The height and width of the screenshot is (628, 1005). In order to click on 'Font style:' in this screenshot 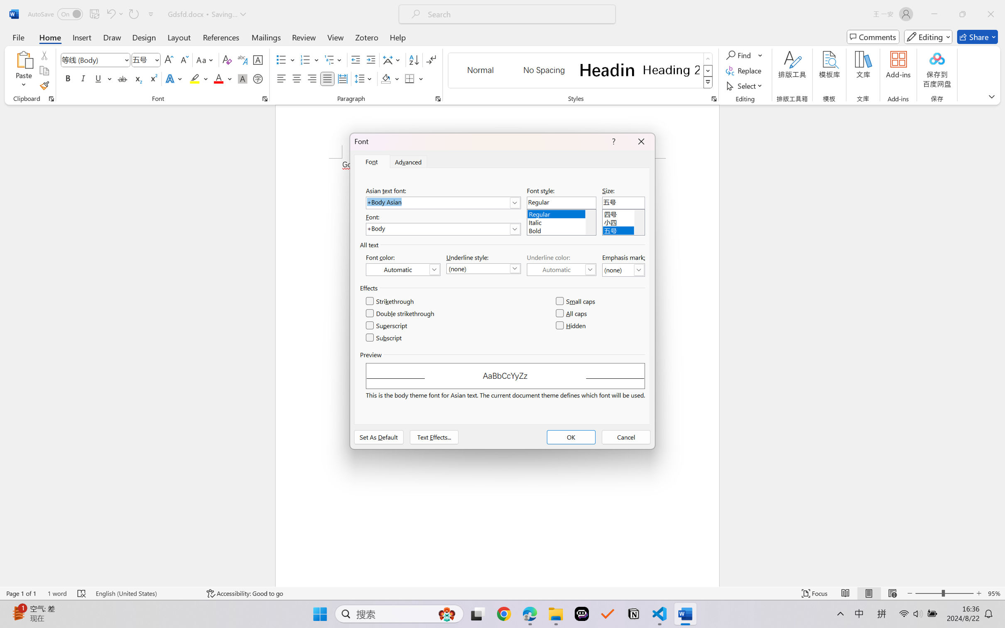, I will do `click(561, 203)`.